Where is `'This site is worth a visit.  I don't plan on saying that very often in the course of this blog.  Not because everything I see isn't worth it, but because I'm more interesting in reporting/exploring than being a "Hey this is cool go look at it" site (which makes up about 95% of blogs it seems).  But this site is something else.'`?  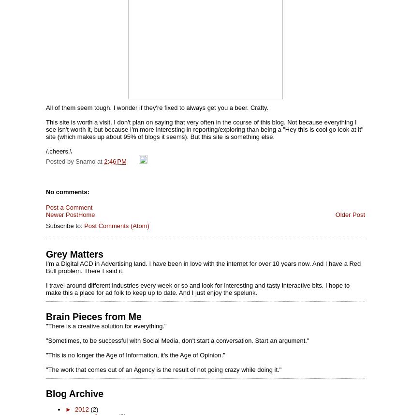 'This site is worth a visit.  I don't plan on saying that very often in the course of this blog.  Not because everything I see isn't worth it, but because I'm more interesting in reporting/exploring than being a "Hey this is cool go look at it" site (which makes up about 95% of blogs it seems).  But this site is something else.' is located at coordinates (204, 129).